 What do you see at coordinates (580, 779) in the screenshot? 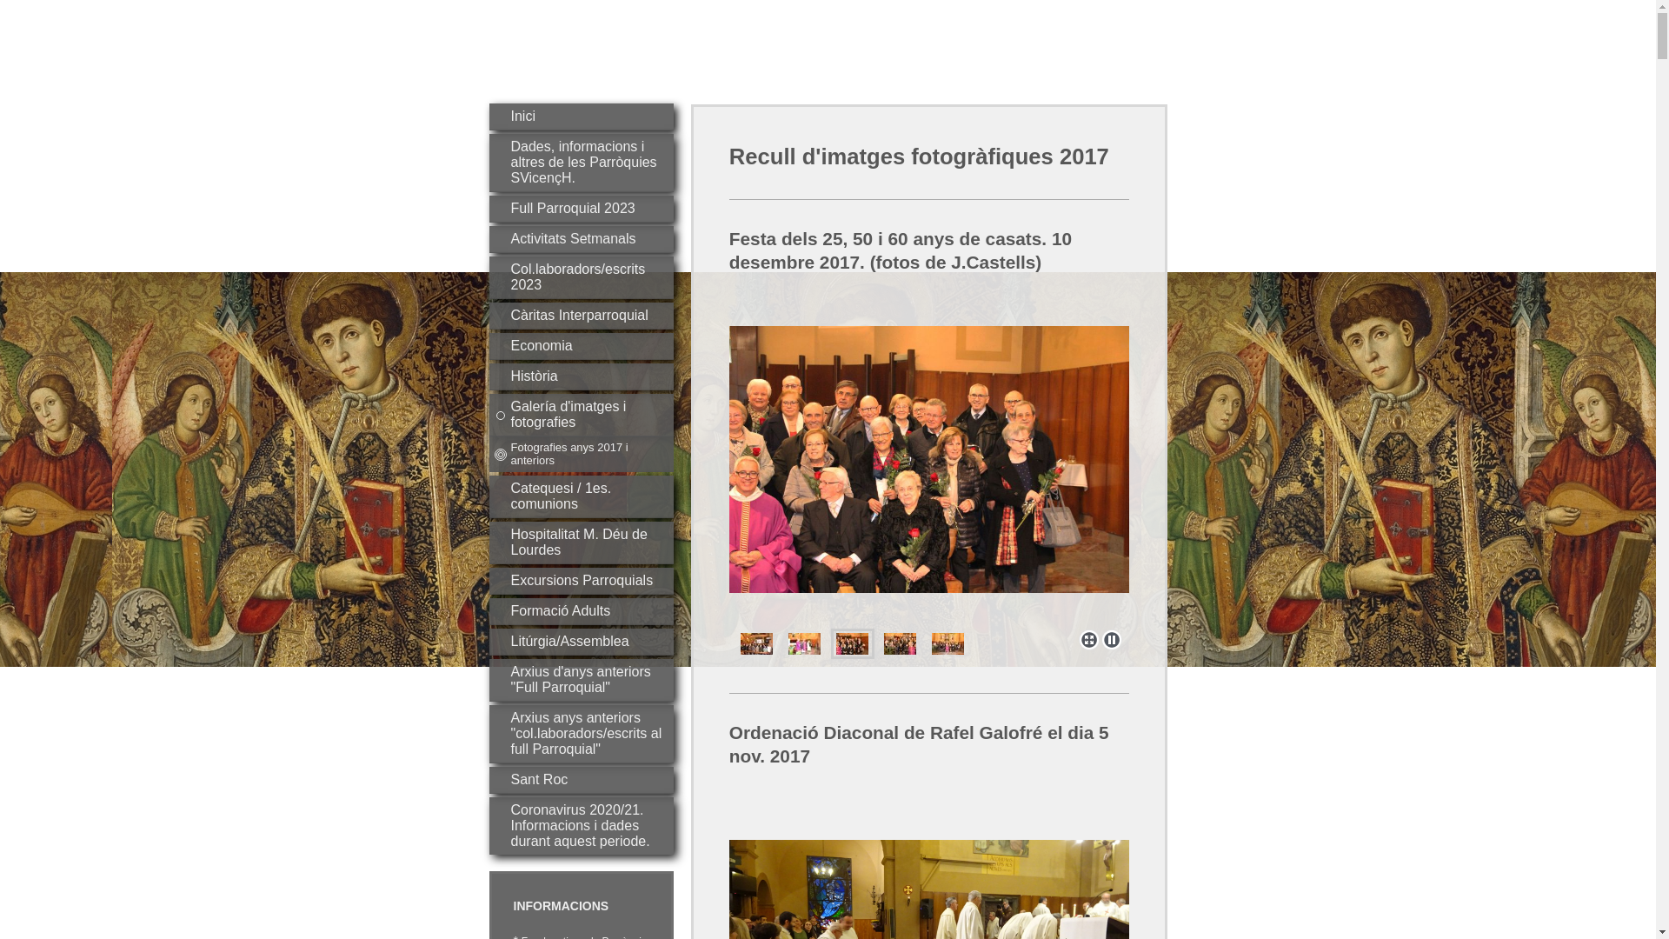
I see `'Sant Roc'` at bounding box center [580, 779].